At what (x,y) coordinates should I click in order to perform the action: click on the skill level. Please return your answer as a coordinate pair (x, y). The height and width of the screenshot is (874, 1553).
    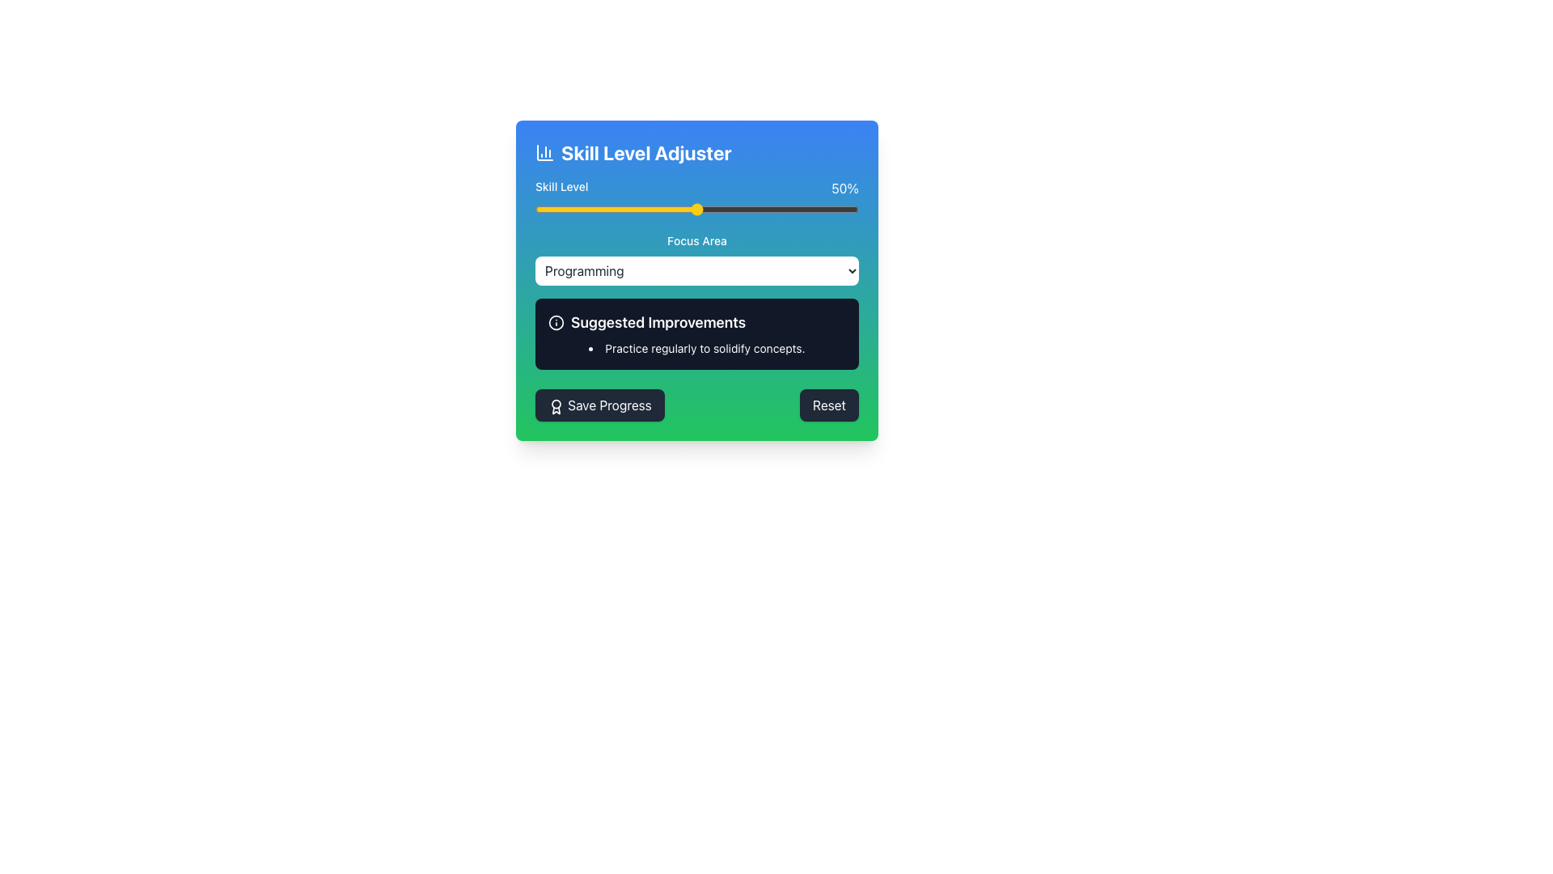
    Looking at the image, I should click on (624, 208).